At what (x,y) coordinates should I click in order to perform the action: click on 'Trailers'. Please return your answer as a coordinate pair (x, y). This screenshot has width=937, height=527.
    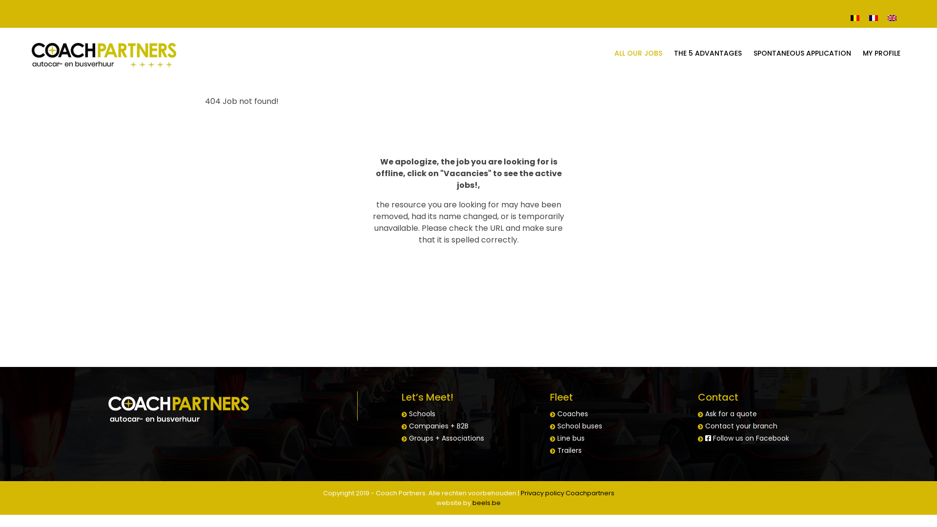
    Looking at the image, I should click on (557, 450).